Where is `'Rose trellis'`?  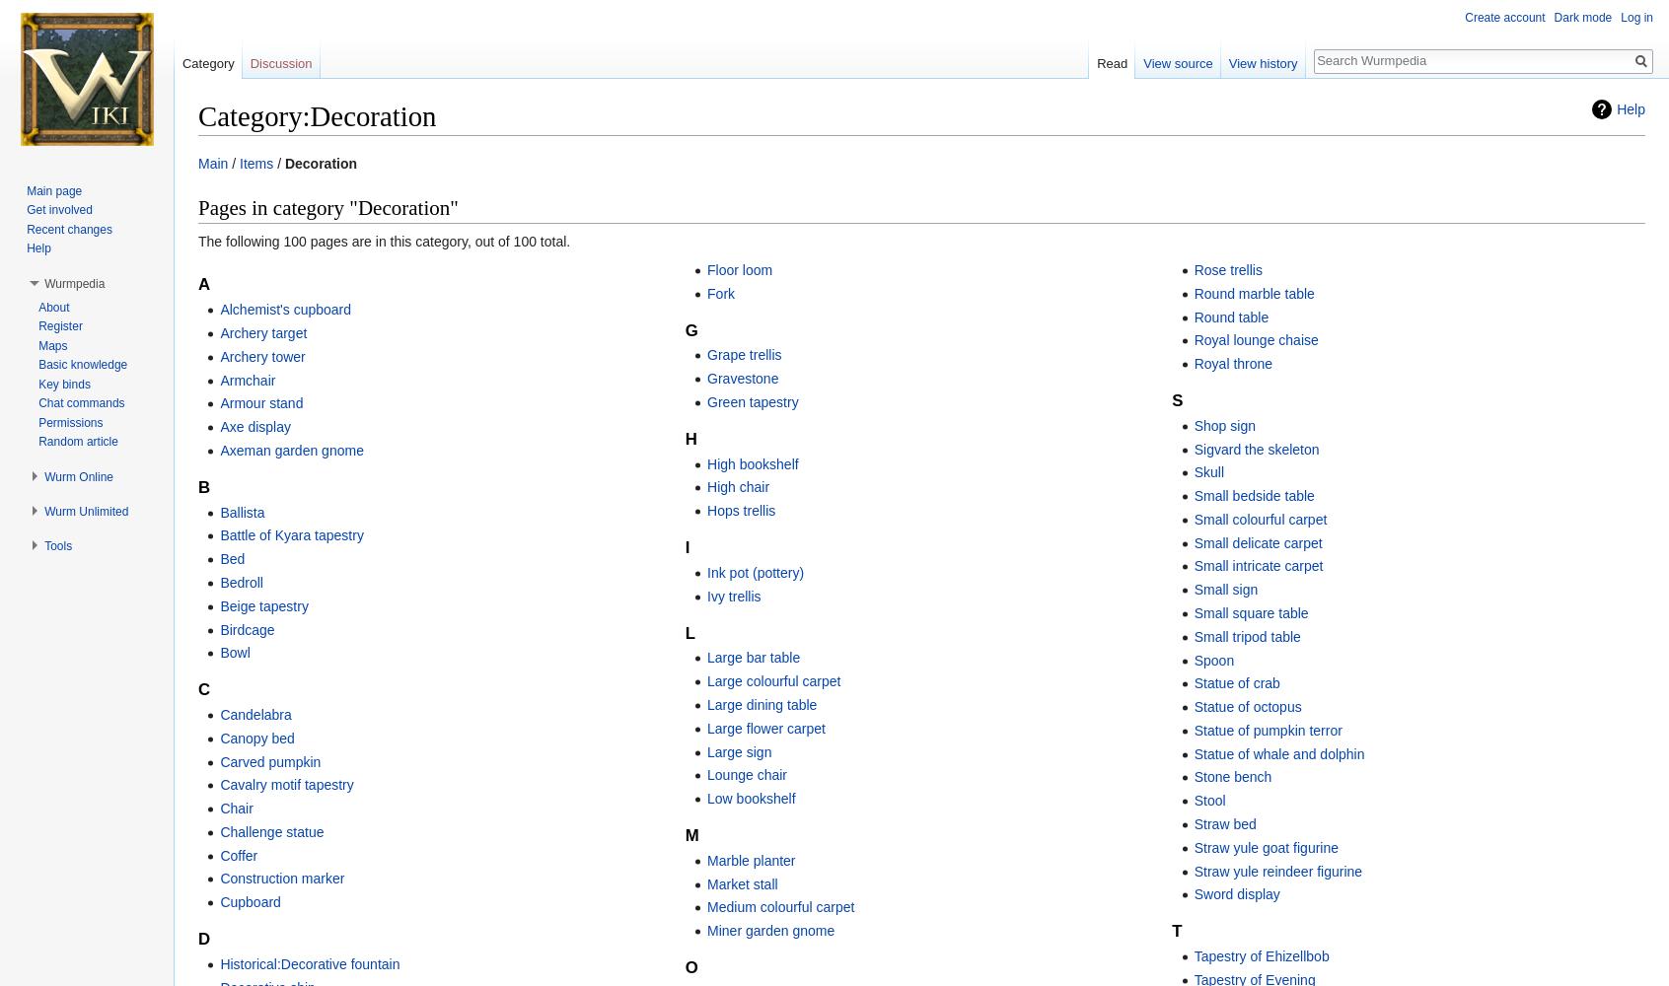
'Rose trellis' is located at coordinates (1227, 269).